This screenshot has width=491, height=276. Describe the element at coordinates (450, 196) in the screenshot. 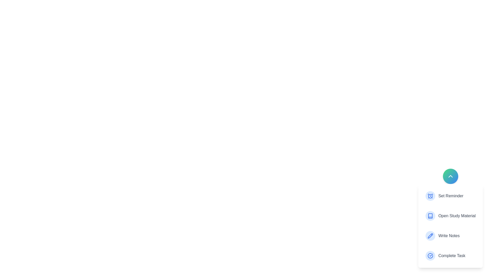

I see `the action Set Reminder from the menu` at that location.